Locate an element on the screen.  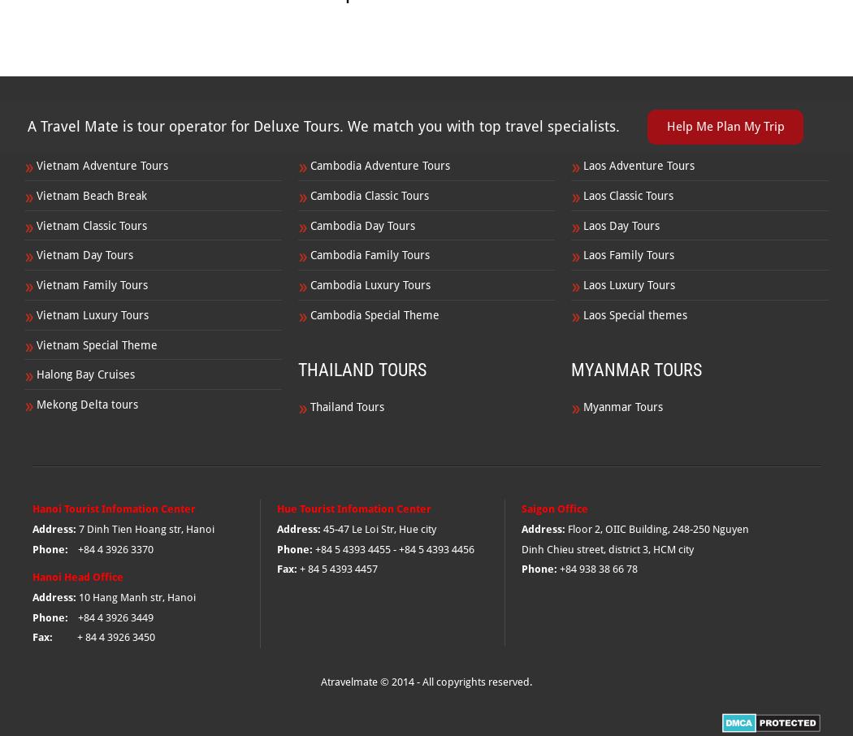
'Laos Adventure Tours' is located at coordinates (639, 165).